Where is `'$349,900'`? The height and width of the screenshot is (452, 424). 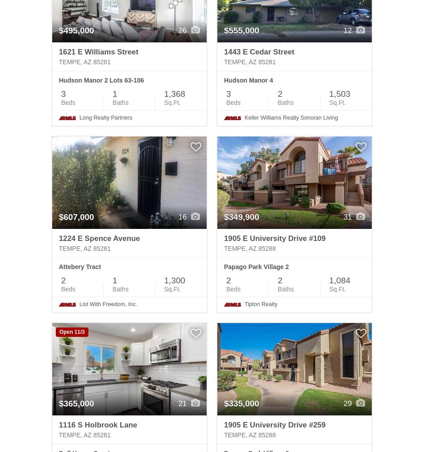
'$349,900' is located at coordinates (241, 216).